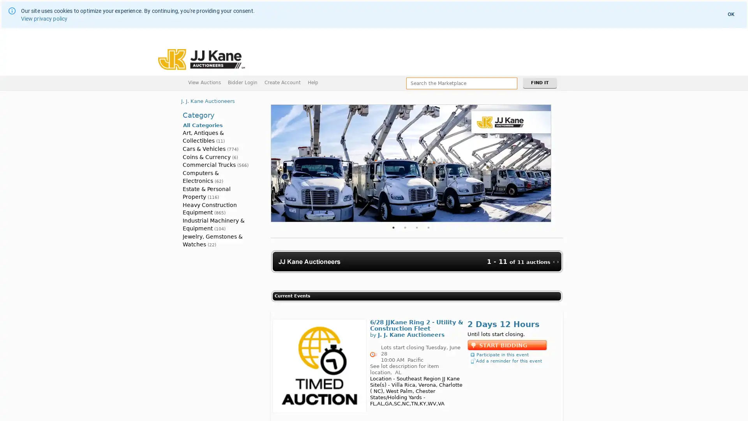 This screenshot has height=421, width=748. What do you see at coordinates (416, 227) in the screenshot?
I see `3` at bounding box center [416, 227].